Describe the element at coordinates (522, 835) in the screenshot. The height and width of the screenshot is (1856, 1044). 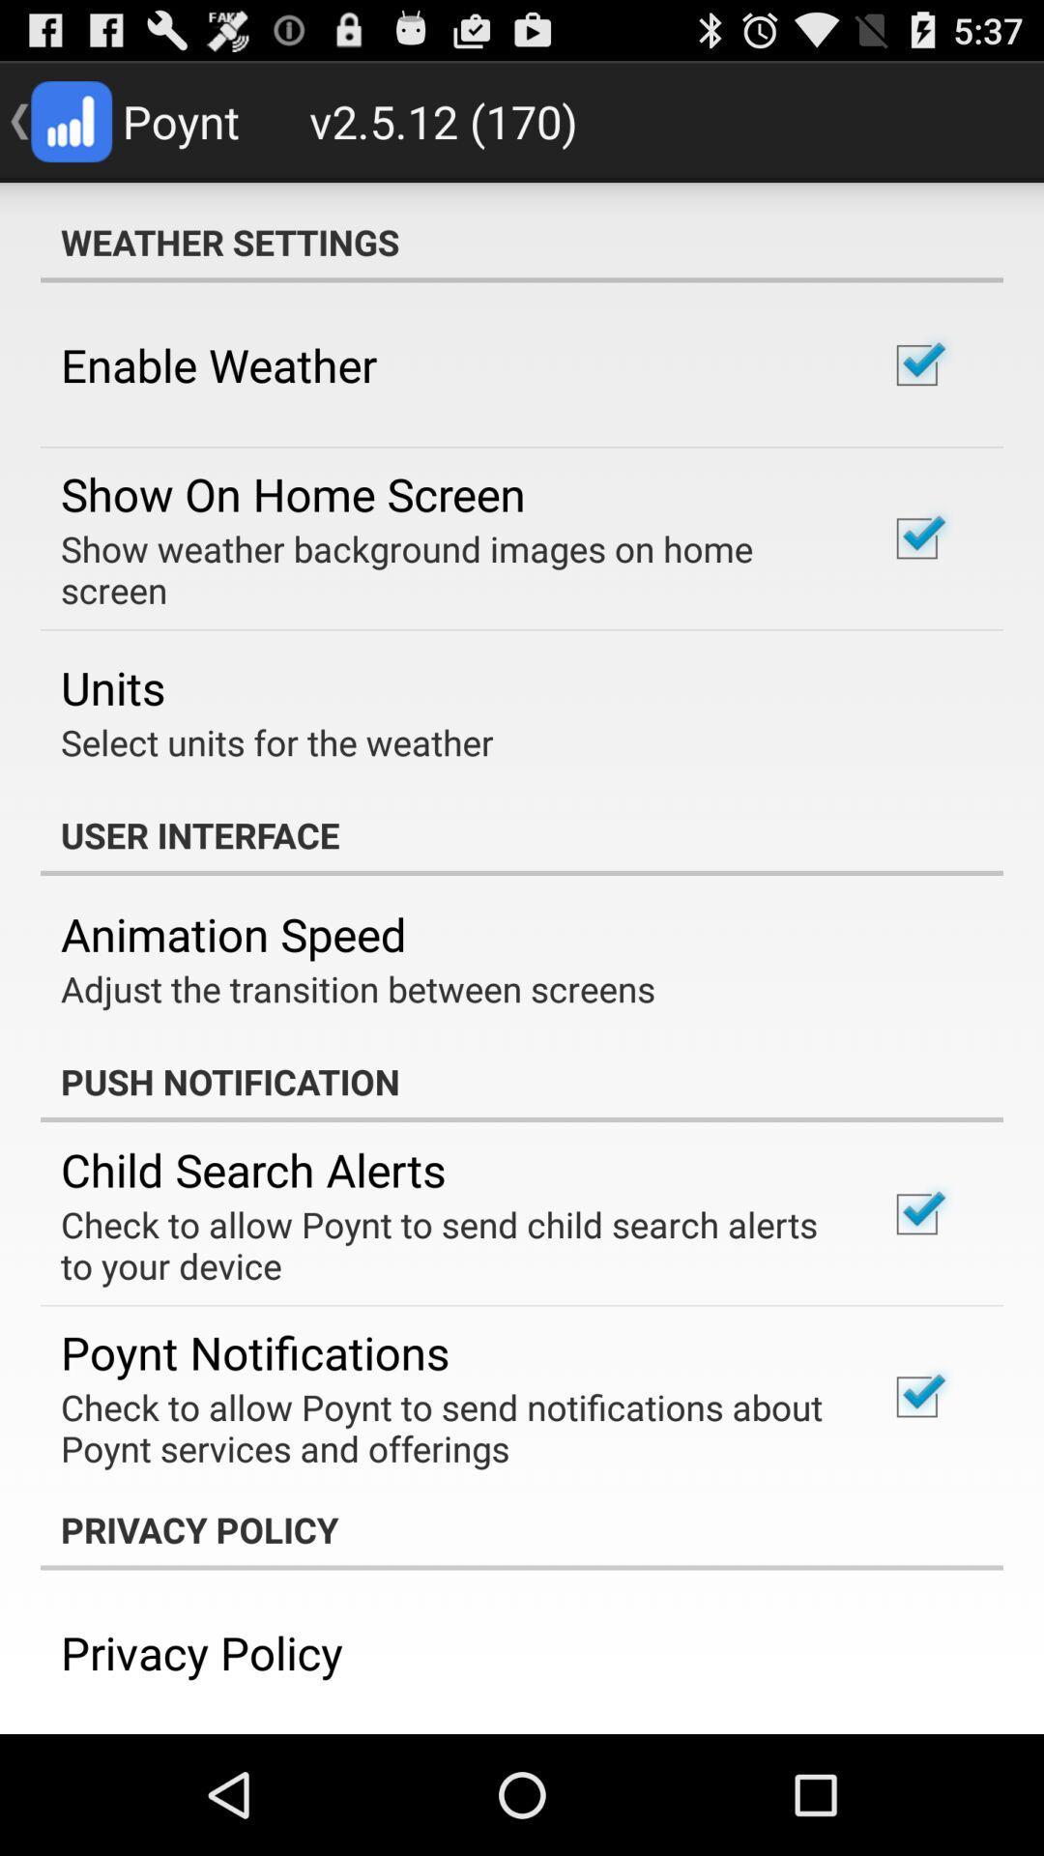
I see `the app above animation speed app` at that location.